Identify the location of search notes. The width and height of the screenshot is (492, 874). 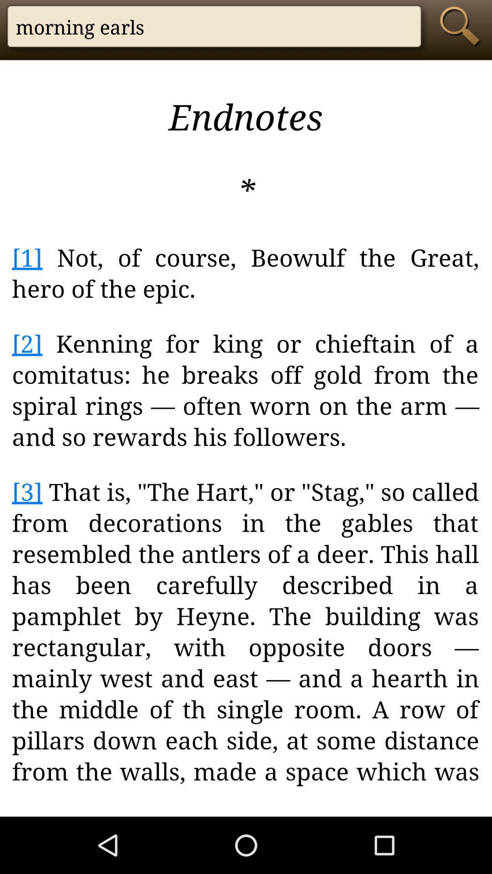
(462, 26).